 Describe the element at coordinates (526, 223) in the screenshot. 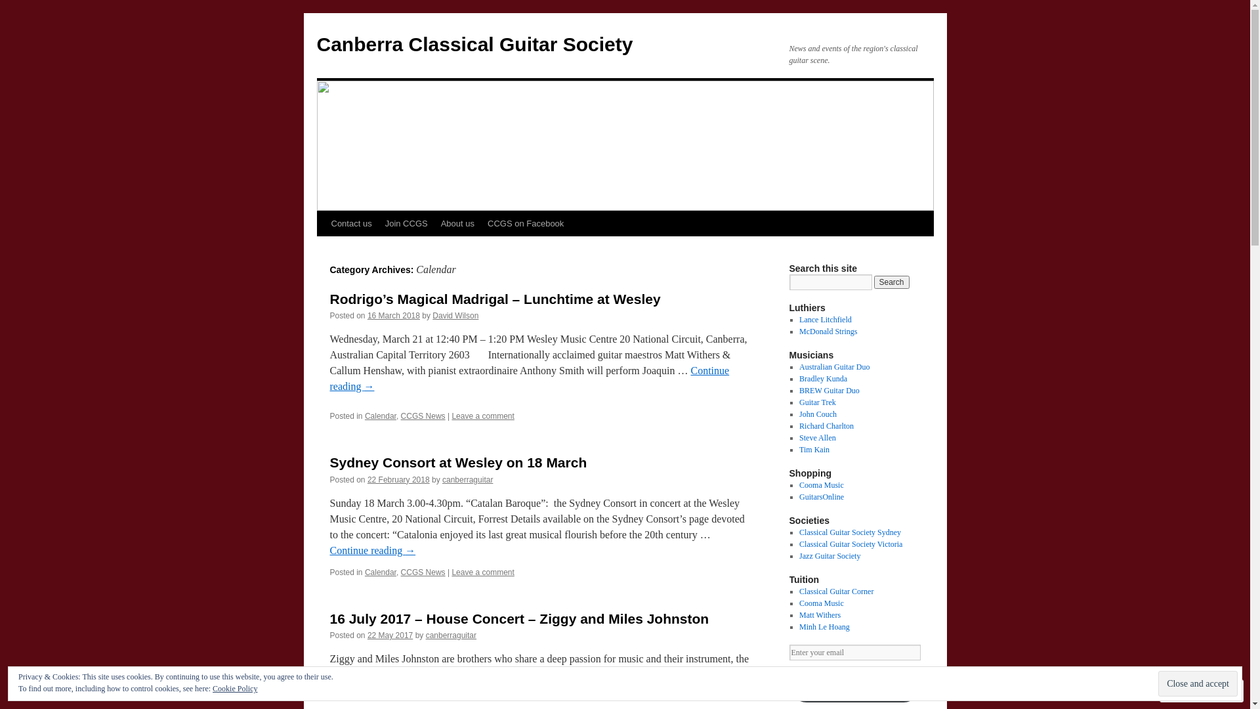

I see `'CCGS on Facebook'` at that location.